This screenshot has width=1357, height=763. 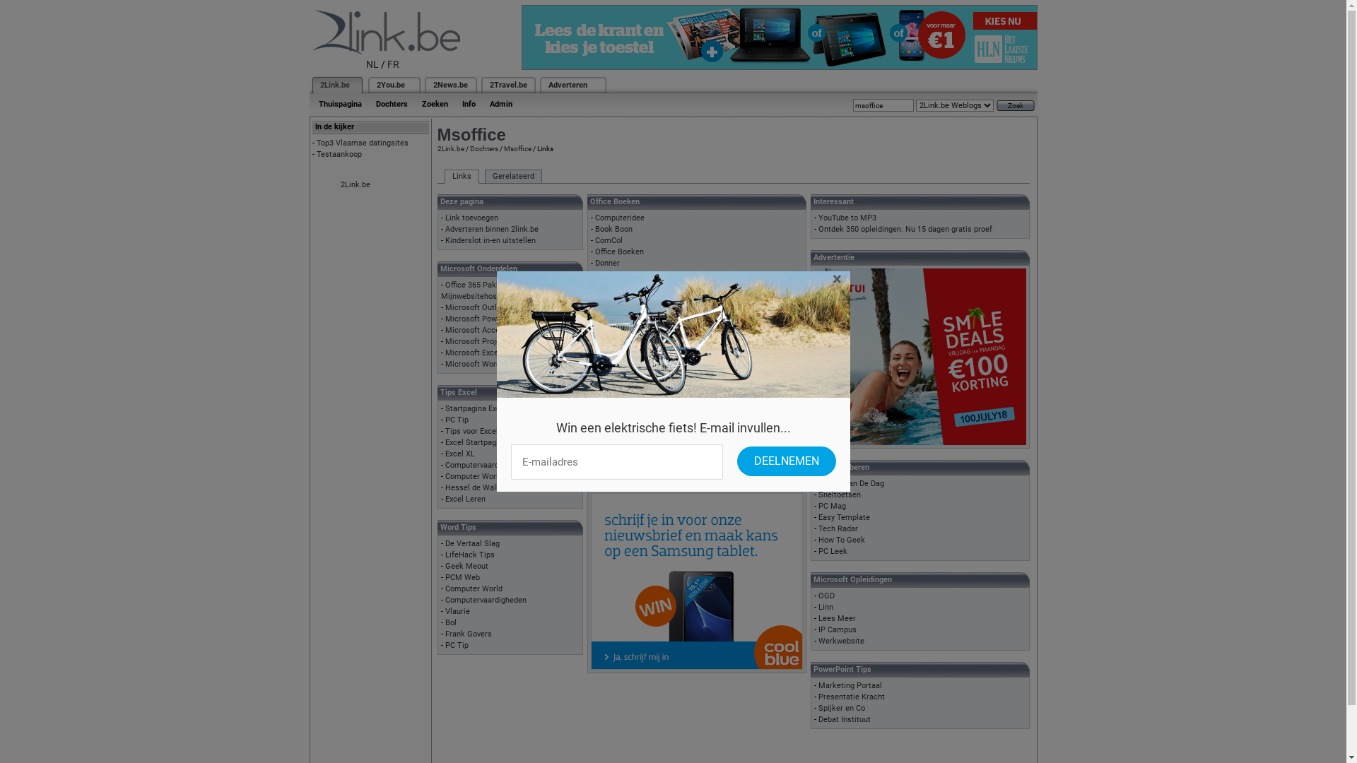 What do you see at coordinates (850, 483) in the screenshot?
I see `'PC Tip Van De Dag'` at bounding box center [850, 483].